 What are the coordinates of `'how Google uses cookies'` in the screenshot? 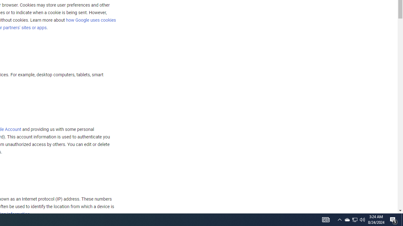 It's located at (90, 19).